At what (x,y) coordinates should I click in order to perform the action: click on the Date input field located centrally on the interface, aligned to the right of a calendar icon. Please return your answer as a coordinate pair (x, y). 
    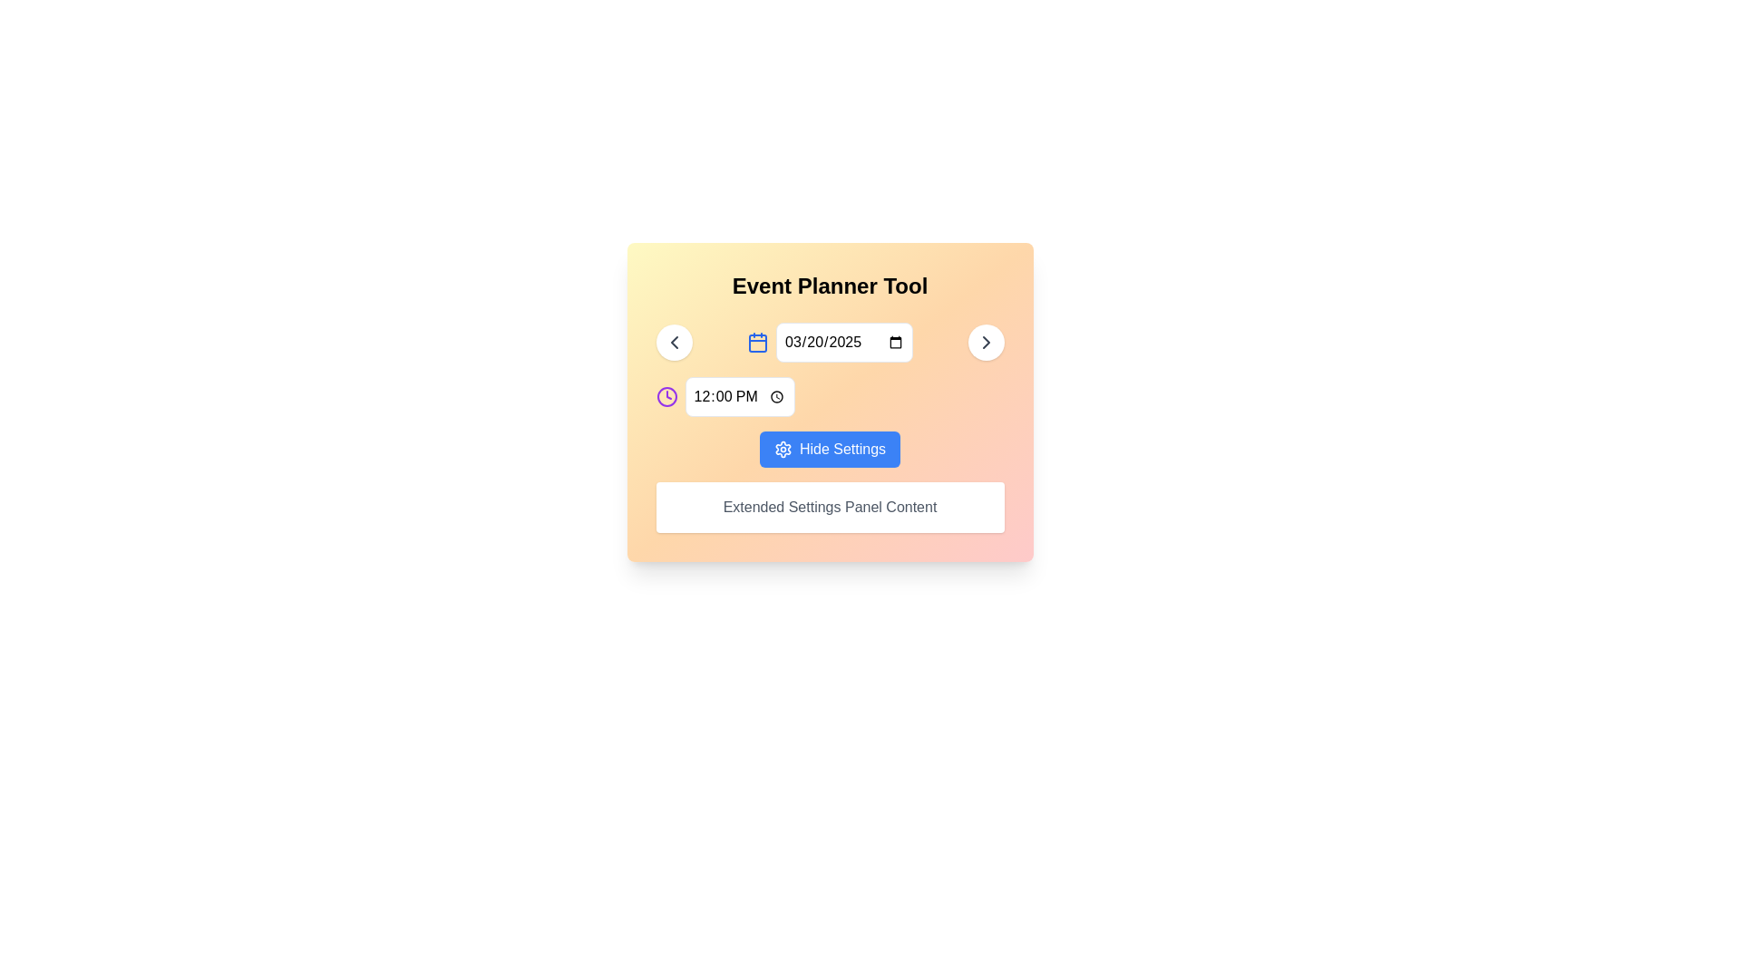
    Looking at the image, I should click on (843, 343).